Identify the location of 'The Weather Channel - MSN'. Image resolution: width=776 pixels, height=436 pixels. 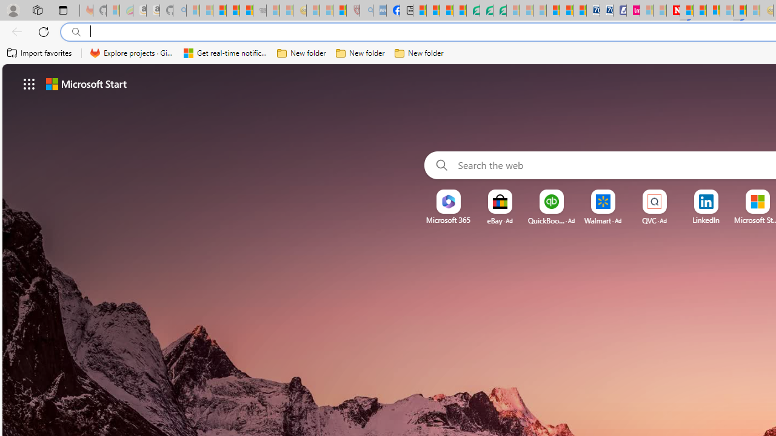
(219, 10).